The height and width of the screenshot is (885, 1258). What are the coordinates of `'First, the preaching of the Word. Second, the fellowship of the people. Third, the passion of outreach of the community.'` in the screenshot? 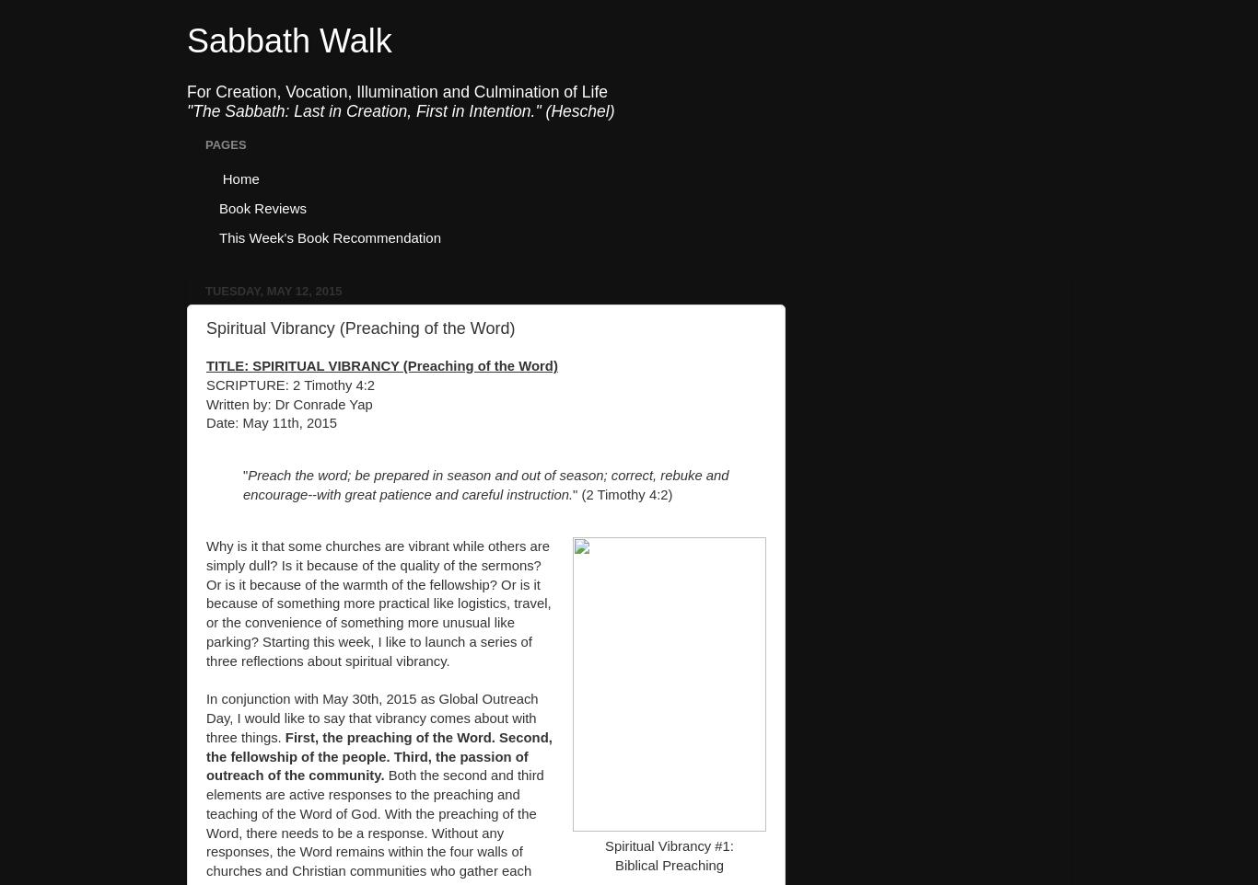 It's located at (205, 756).